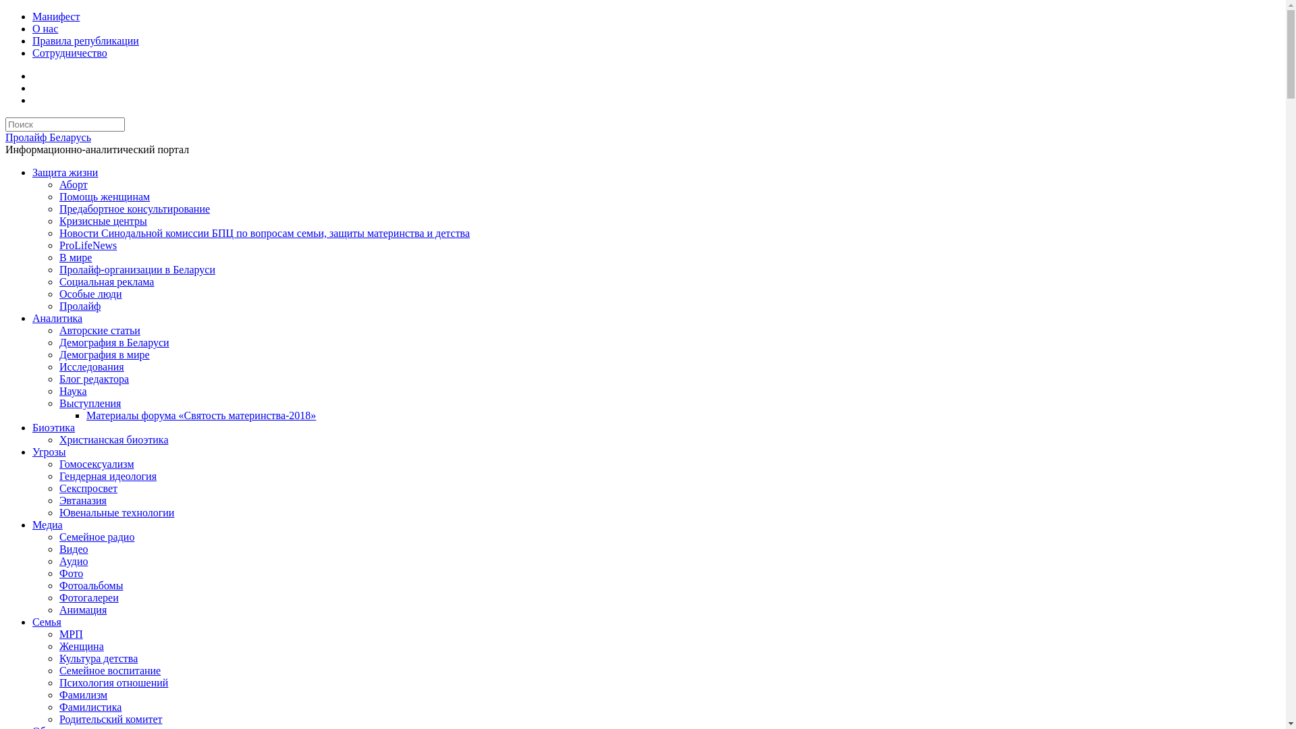 This screenshot has width=1296, height=729. What do you see at coordinates (87, 245) in the screenshot?
I see `'ProLifeNews'` at bounding box center [87, 245].